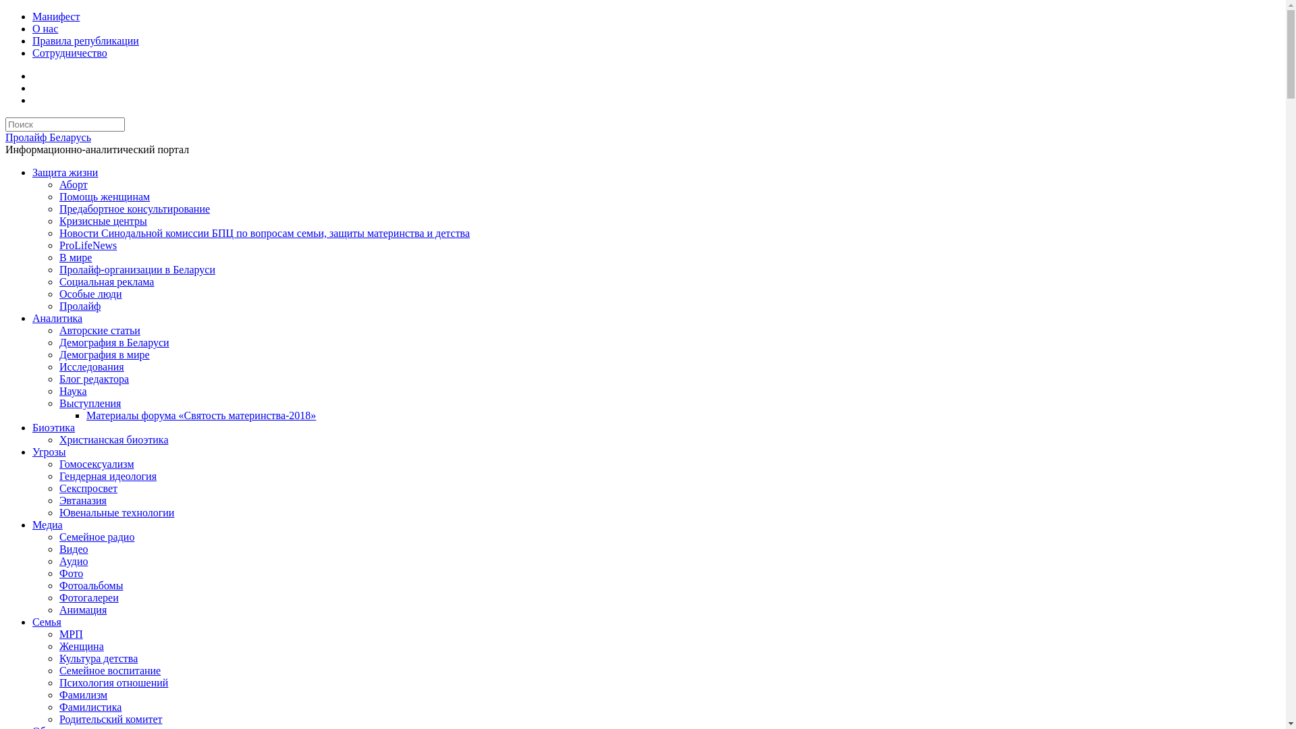 This screenshot has width=1296, height=729. What do you see at coordinates (87, 245) in the screenshot?
I see `'ProLifeNews'` at bounding box center [87, 245].